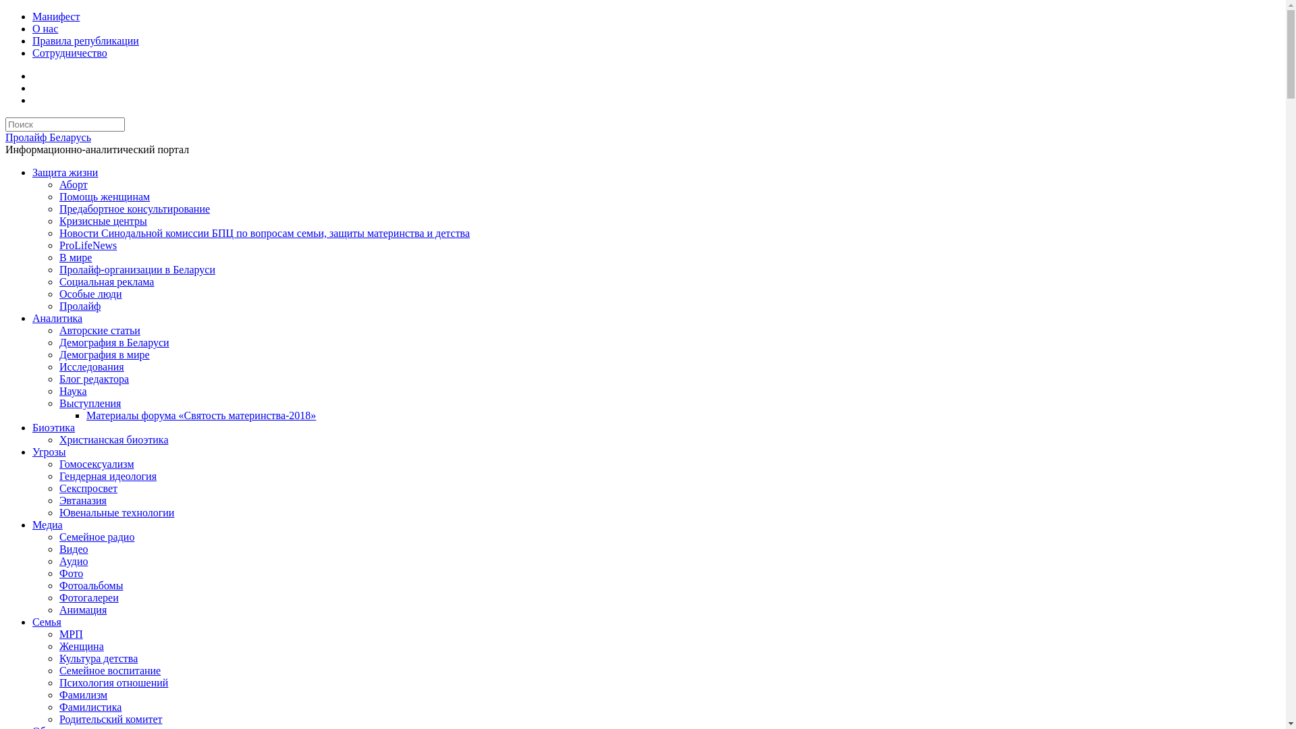 This screenshot has width=1296, height=729. What do you see at coordinates (87, 245) in the screenshot?
I see `'ProLifeNews'` at bounding box center [87, 245].